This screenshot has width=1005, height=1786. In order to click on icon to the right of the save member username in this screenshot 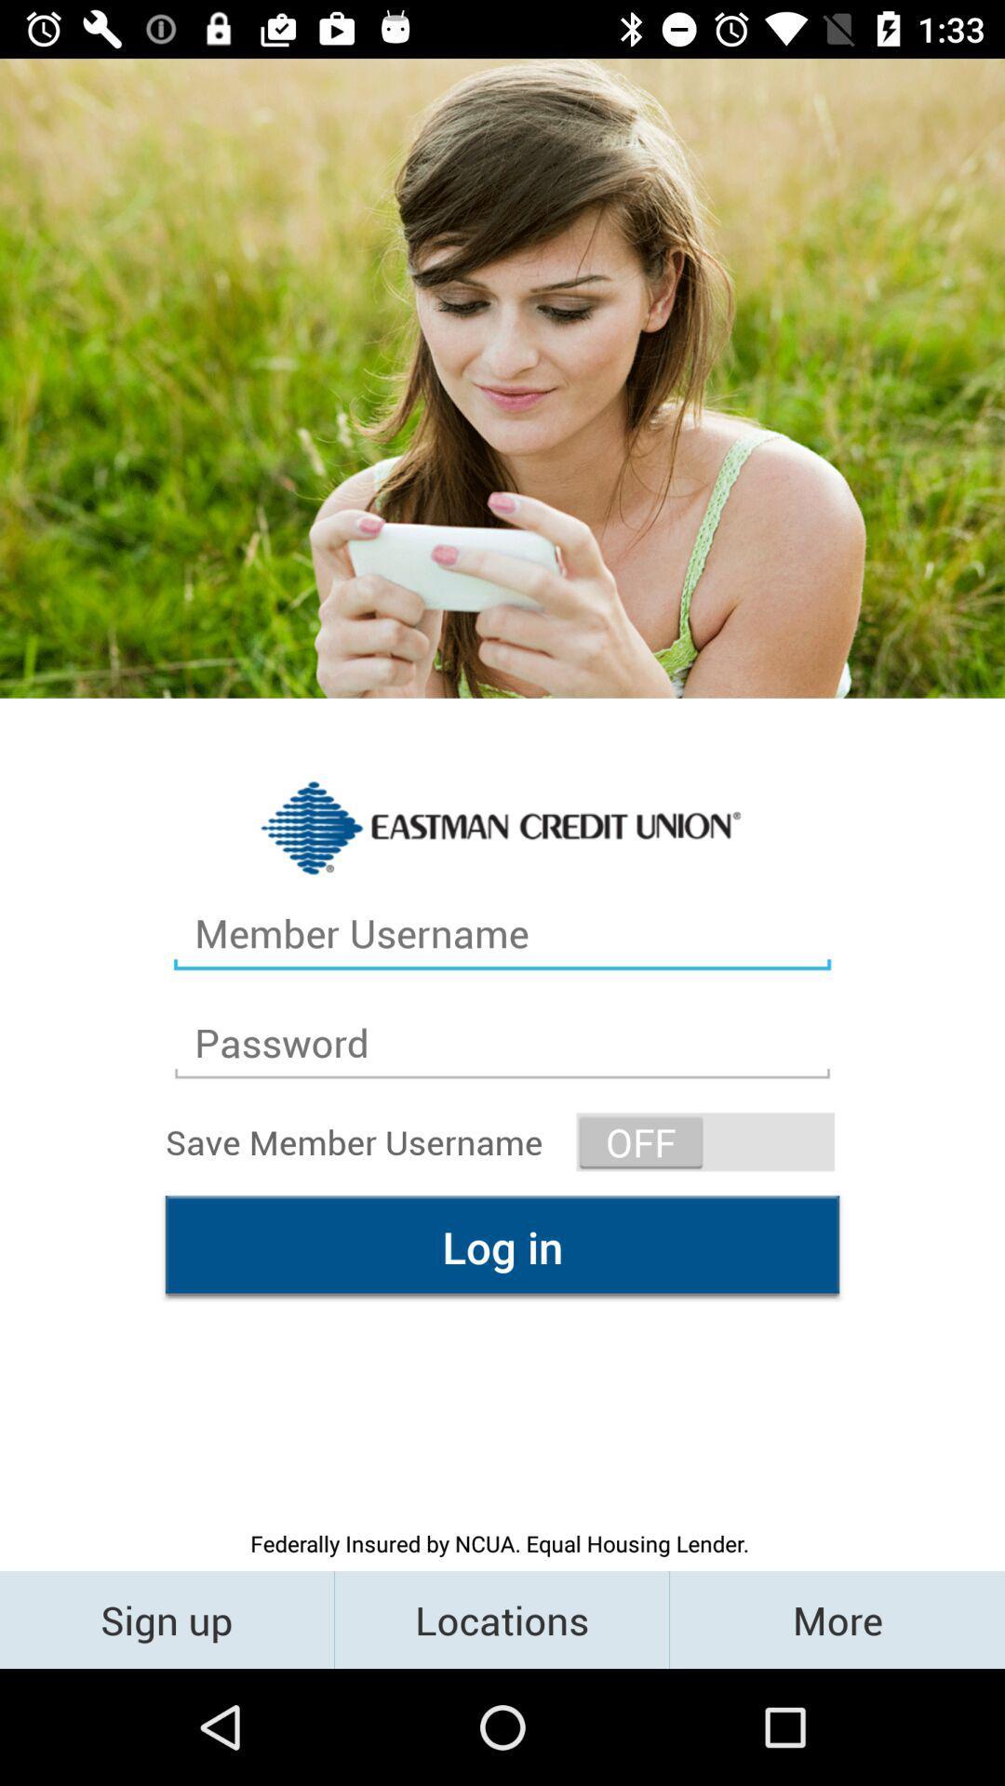, I will do `click(705, 1140)`.